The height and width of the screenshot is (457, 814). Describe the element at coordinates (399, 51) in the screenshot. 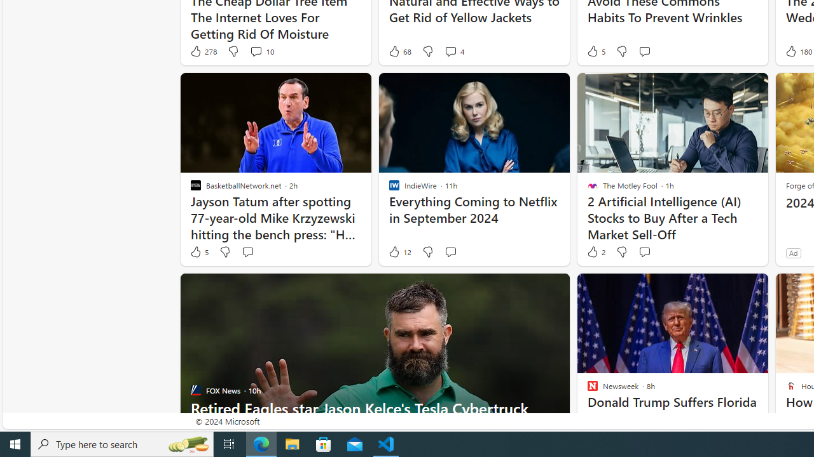

I see `'68 Like'` at that location.